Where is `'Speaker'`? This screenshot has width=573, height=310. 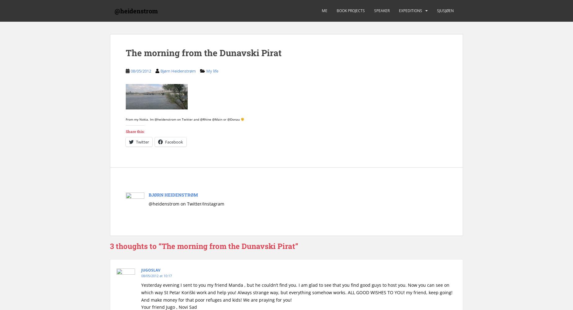 'Speaker' is located at coordinates (374, 11).